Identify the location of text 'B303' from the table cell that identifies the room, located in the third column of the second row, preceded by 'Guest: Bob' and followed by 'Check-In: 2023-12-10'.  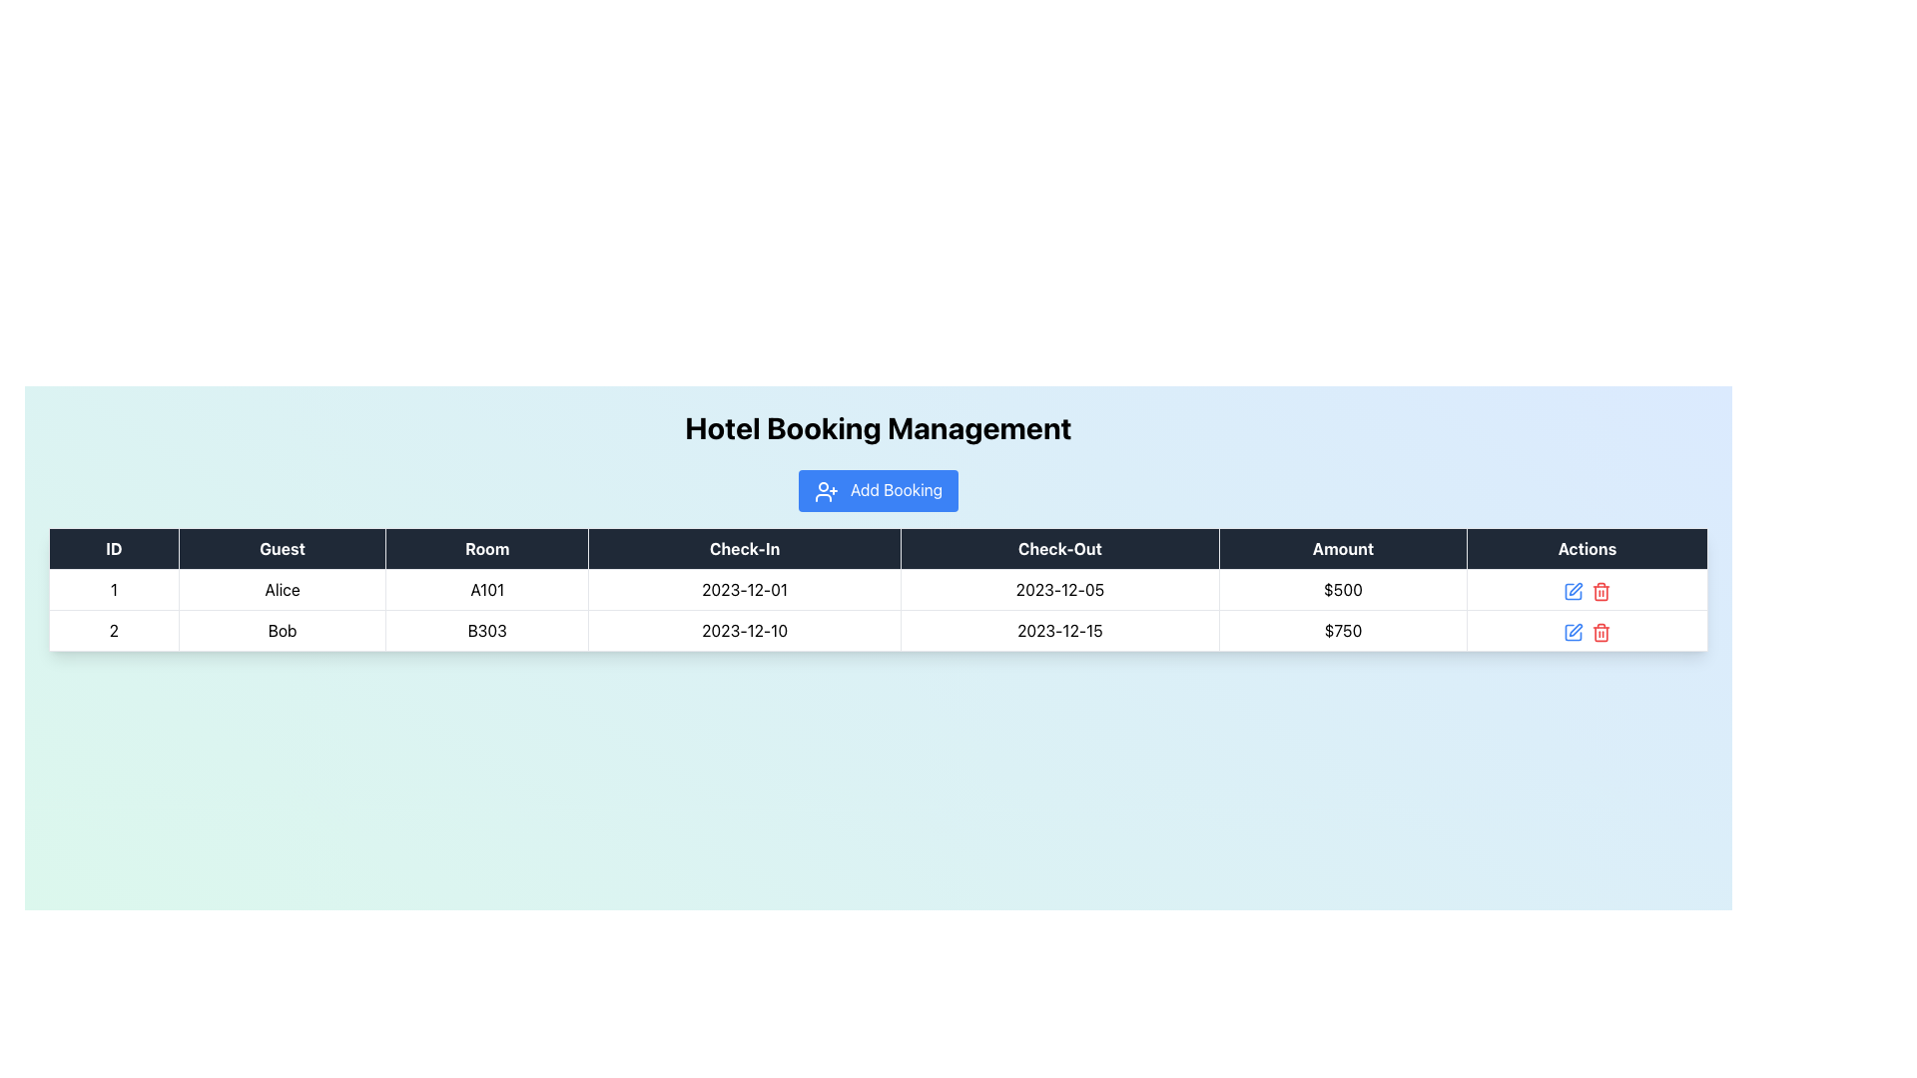
(487, 630).